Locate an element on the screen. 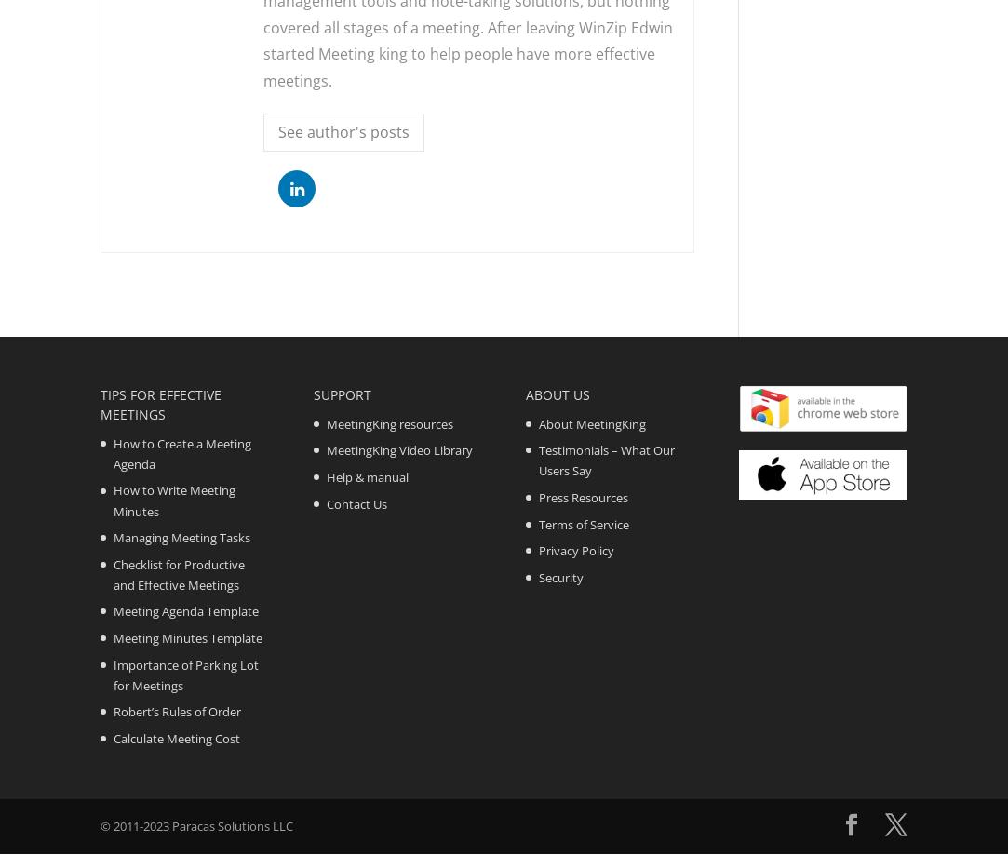 The height and width of the screenshot is (855, 1008). 'Security' is located at coordinates (561, 576).